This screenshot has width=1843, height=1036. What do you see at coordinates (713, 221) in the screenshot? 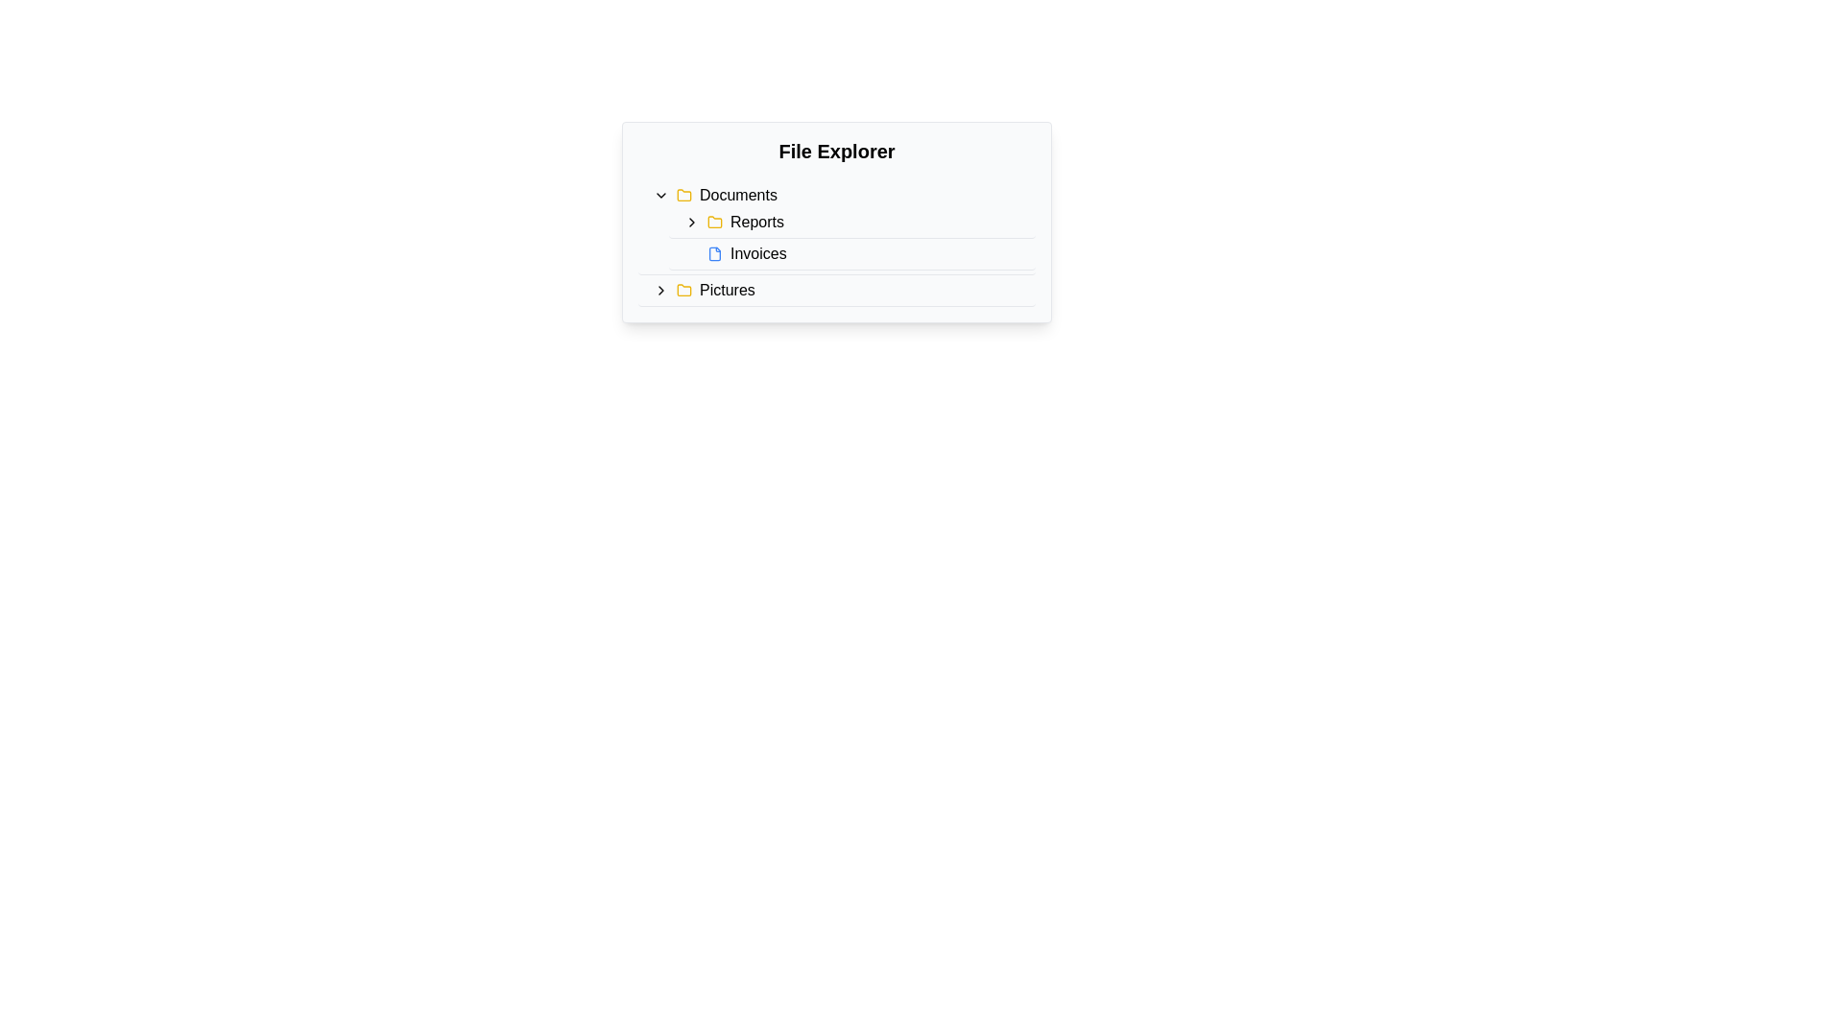
I see `the yellow folder icon indicating its active state within the file explorer interface` at bounding box center [713, 221].